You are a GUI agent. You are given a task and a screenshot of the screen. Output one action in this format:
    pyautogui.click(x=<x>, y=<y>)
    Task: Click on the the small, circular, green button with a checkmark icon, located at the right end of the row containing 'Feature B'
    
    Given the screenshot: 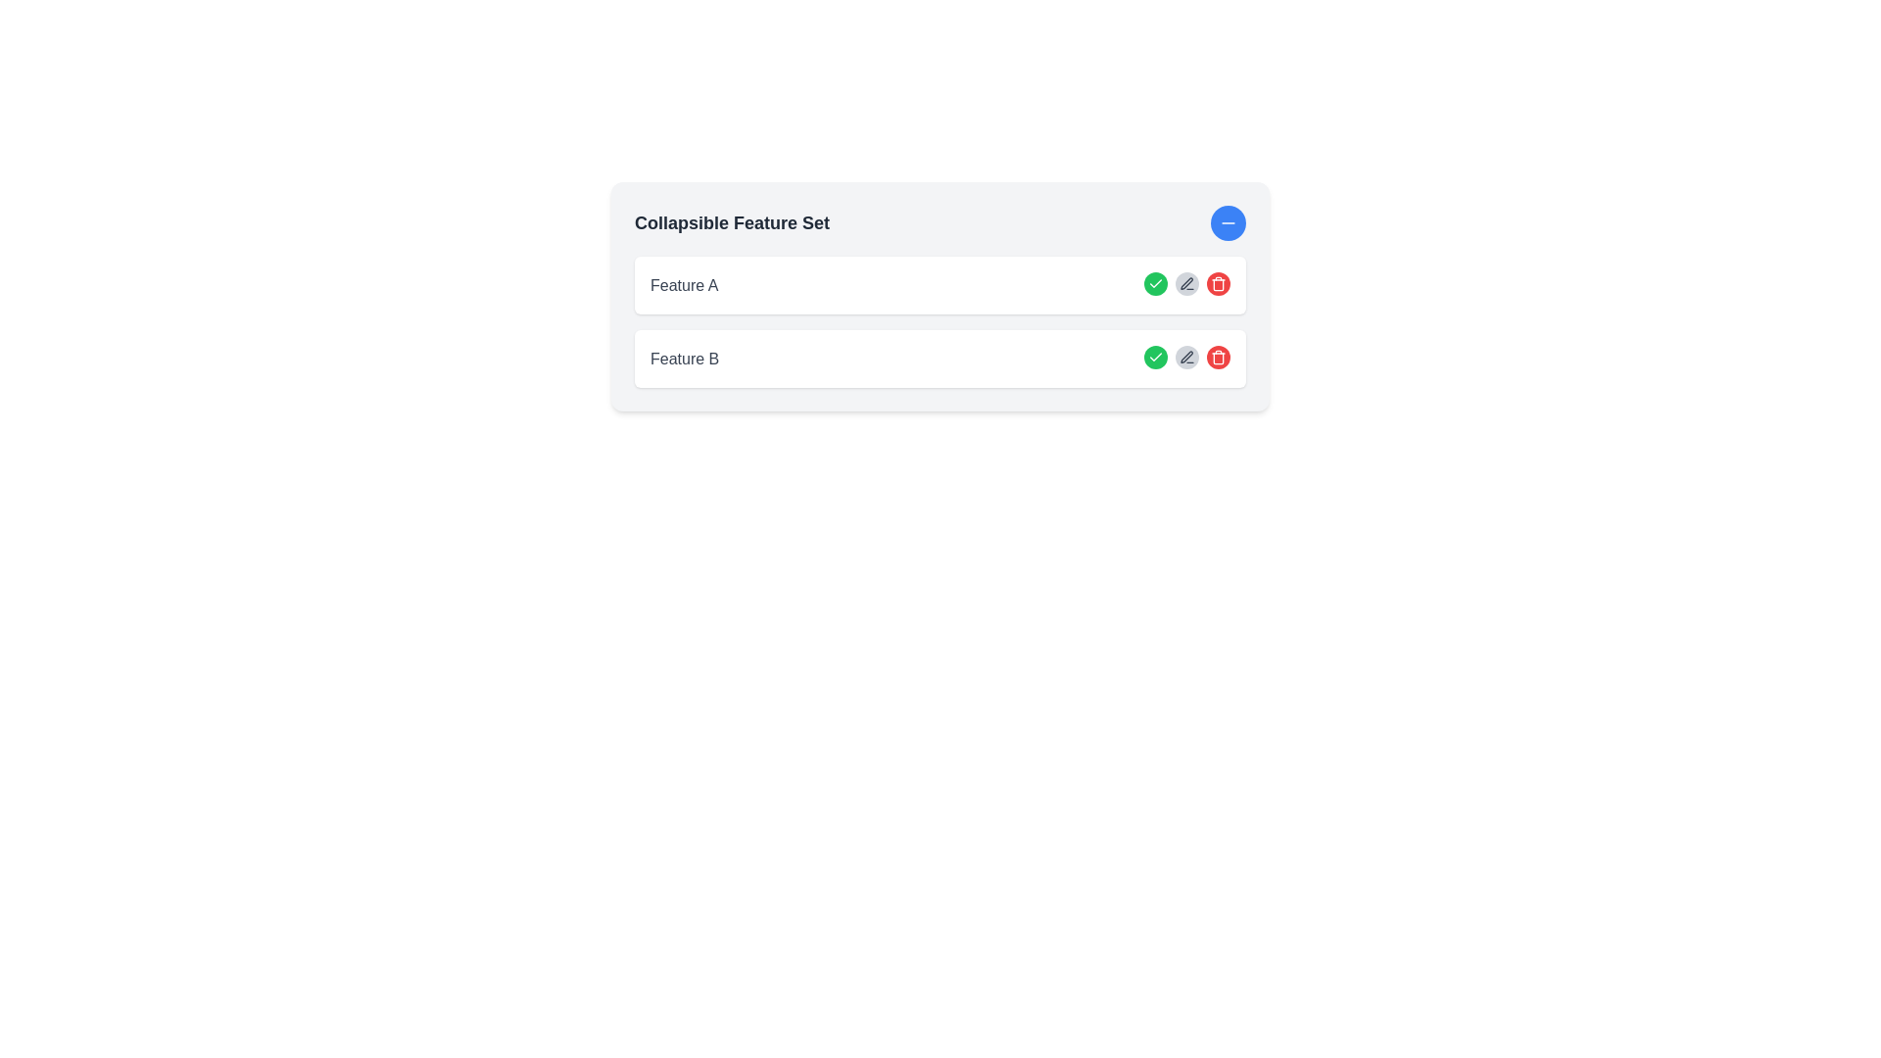 What is the action you would take?
    pyautogui.click(x=1156, y=283)
    